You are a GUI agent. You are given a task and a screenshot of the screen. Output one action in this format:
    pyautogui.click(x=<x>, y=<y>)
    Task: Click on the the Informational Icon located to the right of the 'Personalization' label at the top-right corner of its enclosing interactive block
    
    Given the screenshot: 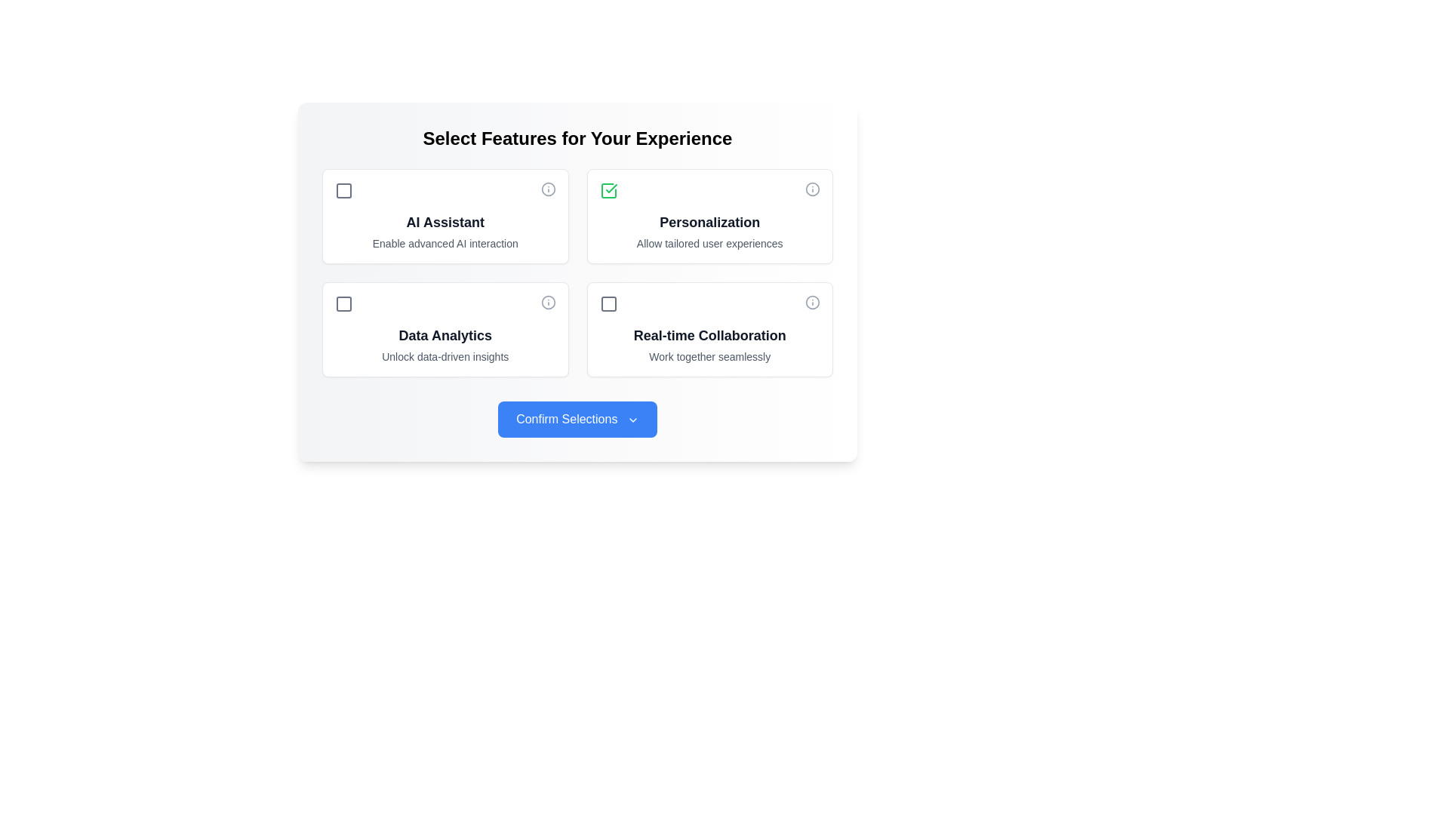 What is the action you would take?
    pyautogui.click(x=811, y=188)
    